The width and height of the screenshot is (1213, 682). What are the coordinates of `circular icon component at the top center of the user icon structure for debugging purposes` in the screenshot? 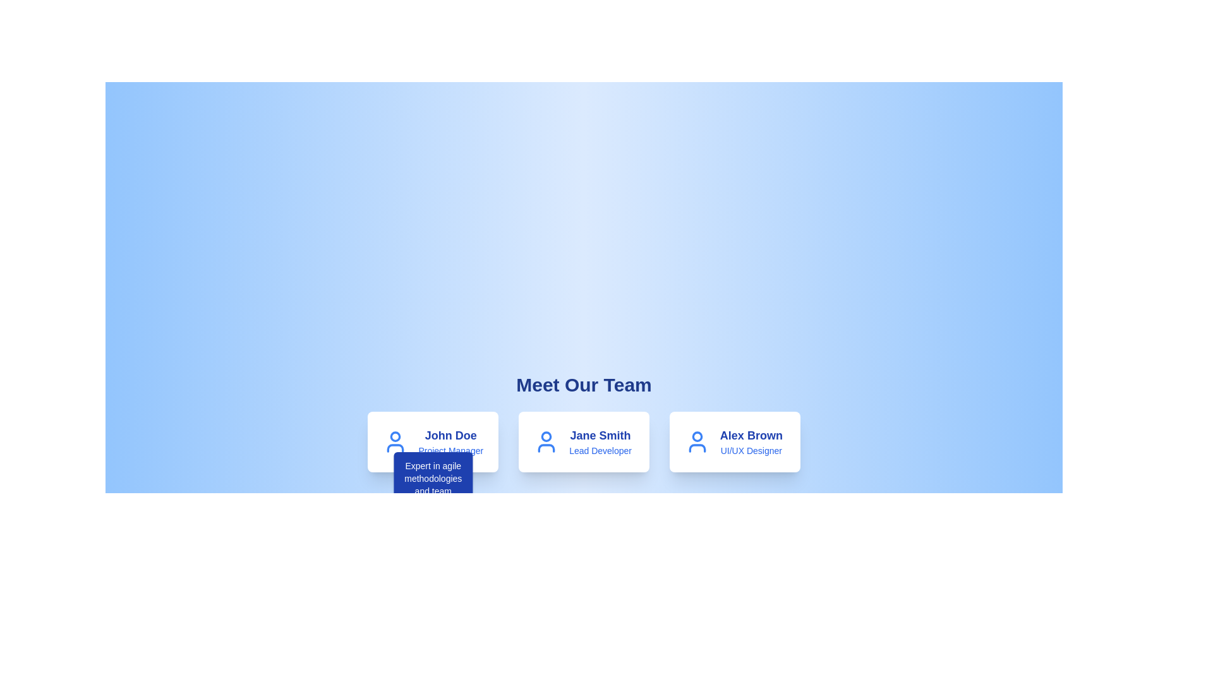 It's located at (546, 435).